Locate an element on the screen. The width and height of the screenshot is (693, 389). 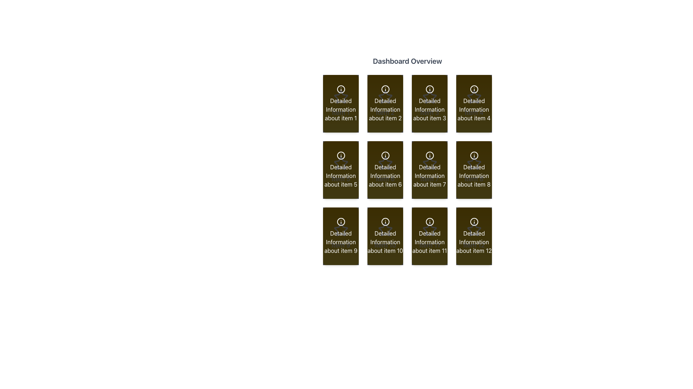
the text label displaying 'Detailed Information about item 10' which is located at the bottom-center of the card in the second column of the last row of the grid layout is located at coordinates (385, 242).